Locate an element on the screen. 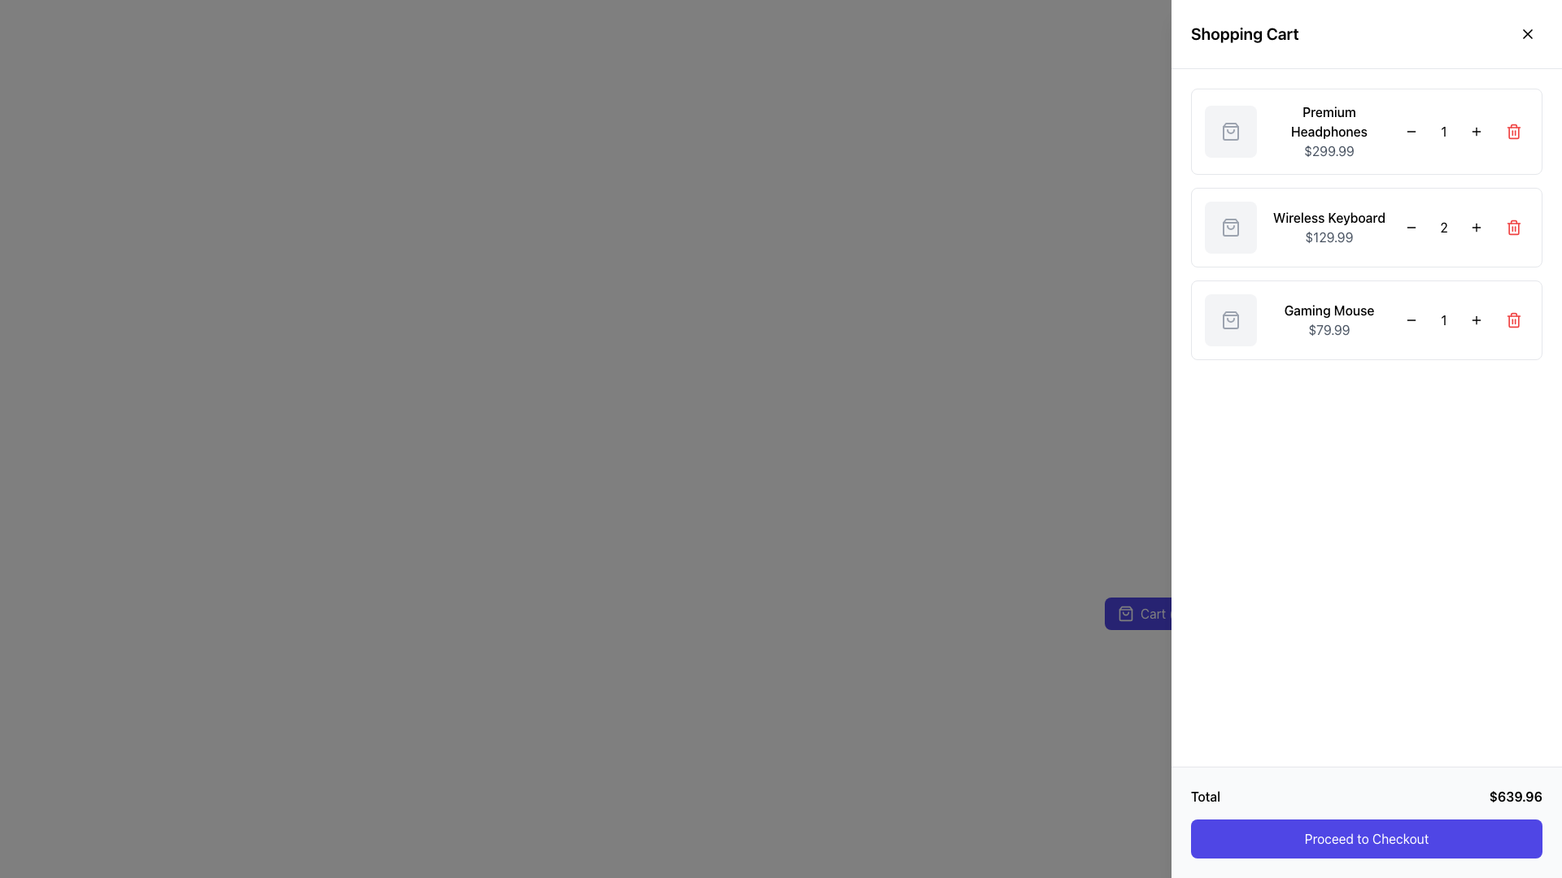 The image size is (1562, 878). the icon representing the 'Gaming Mouse' in the third row of the shopping cart panel is located at coordinates (1230, 319).